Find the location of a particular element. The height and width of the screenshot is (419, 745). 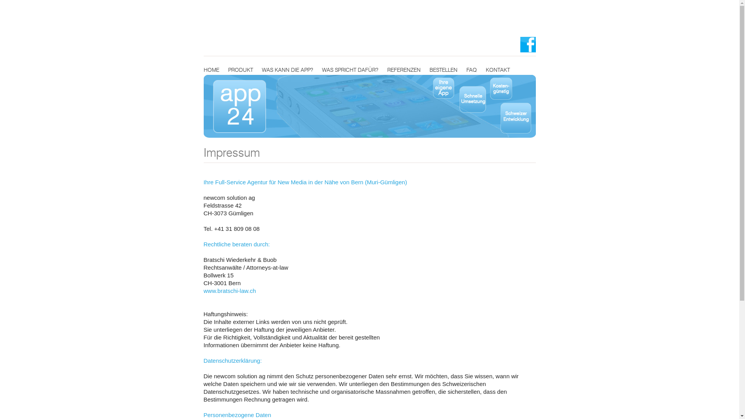

'HOME' is located at coordinates (211, 70).